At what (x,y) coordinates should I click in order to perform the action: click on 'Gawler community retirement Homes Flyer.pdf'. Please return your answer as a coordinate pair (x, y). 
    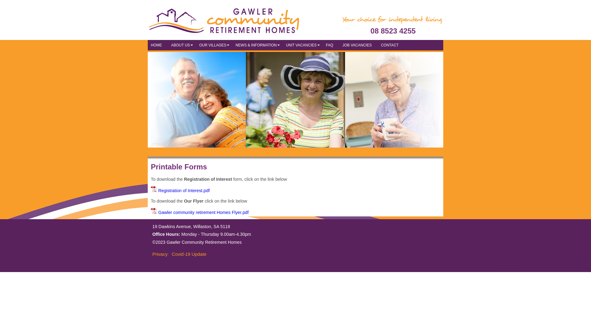
    Looking at the image, I should click on (199, 212).